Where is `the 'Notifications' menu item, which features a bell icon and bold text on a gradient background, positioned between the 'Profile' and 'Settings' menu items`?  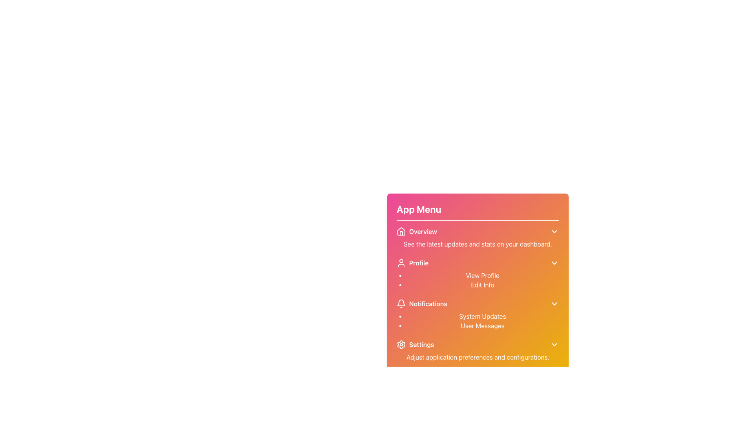
the 'Notifications' menu item, which features a bell icon and bold text on a gradient background, positioned between the 'Profile' and 'Settings' menu items is located at coordinates (421, 303).